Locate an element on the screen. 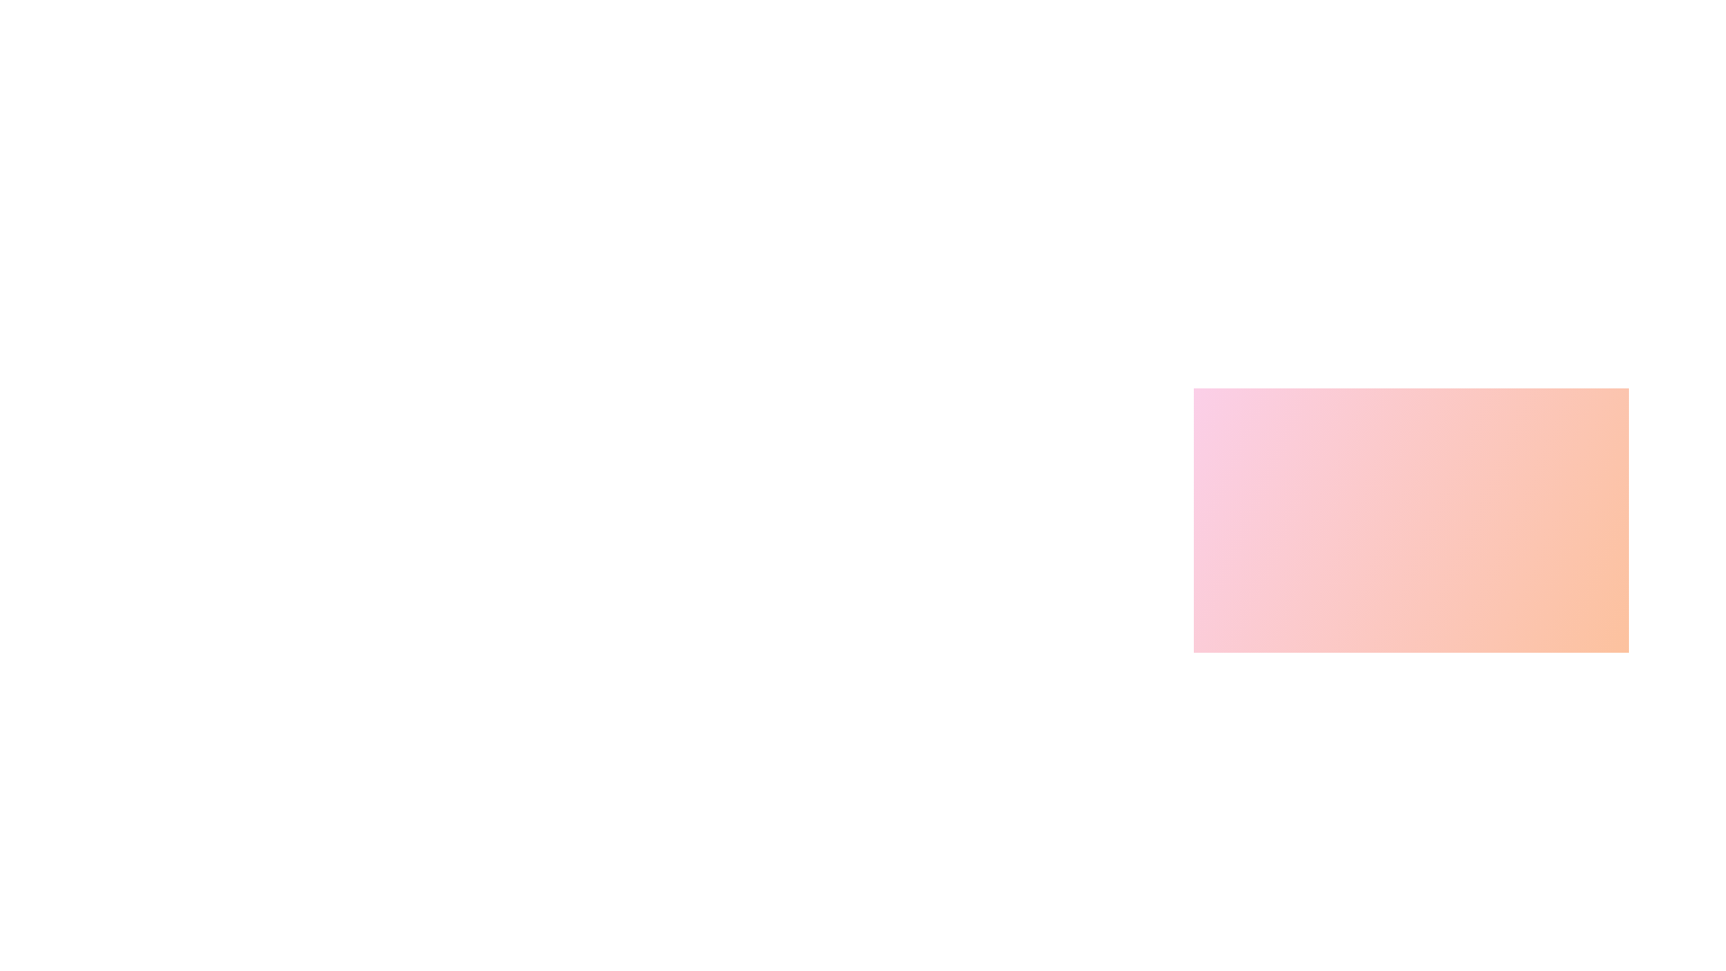 This screenshot has height=971, width=1726. the navigation button located at the bottom center of the interface, which allows the user to move to the previous page or section, to observe the hover effect is located at coordinates (1266, 915).